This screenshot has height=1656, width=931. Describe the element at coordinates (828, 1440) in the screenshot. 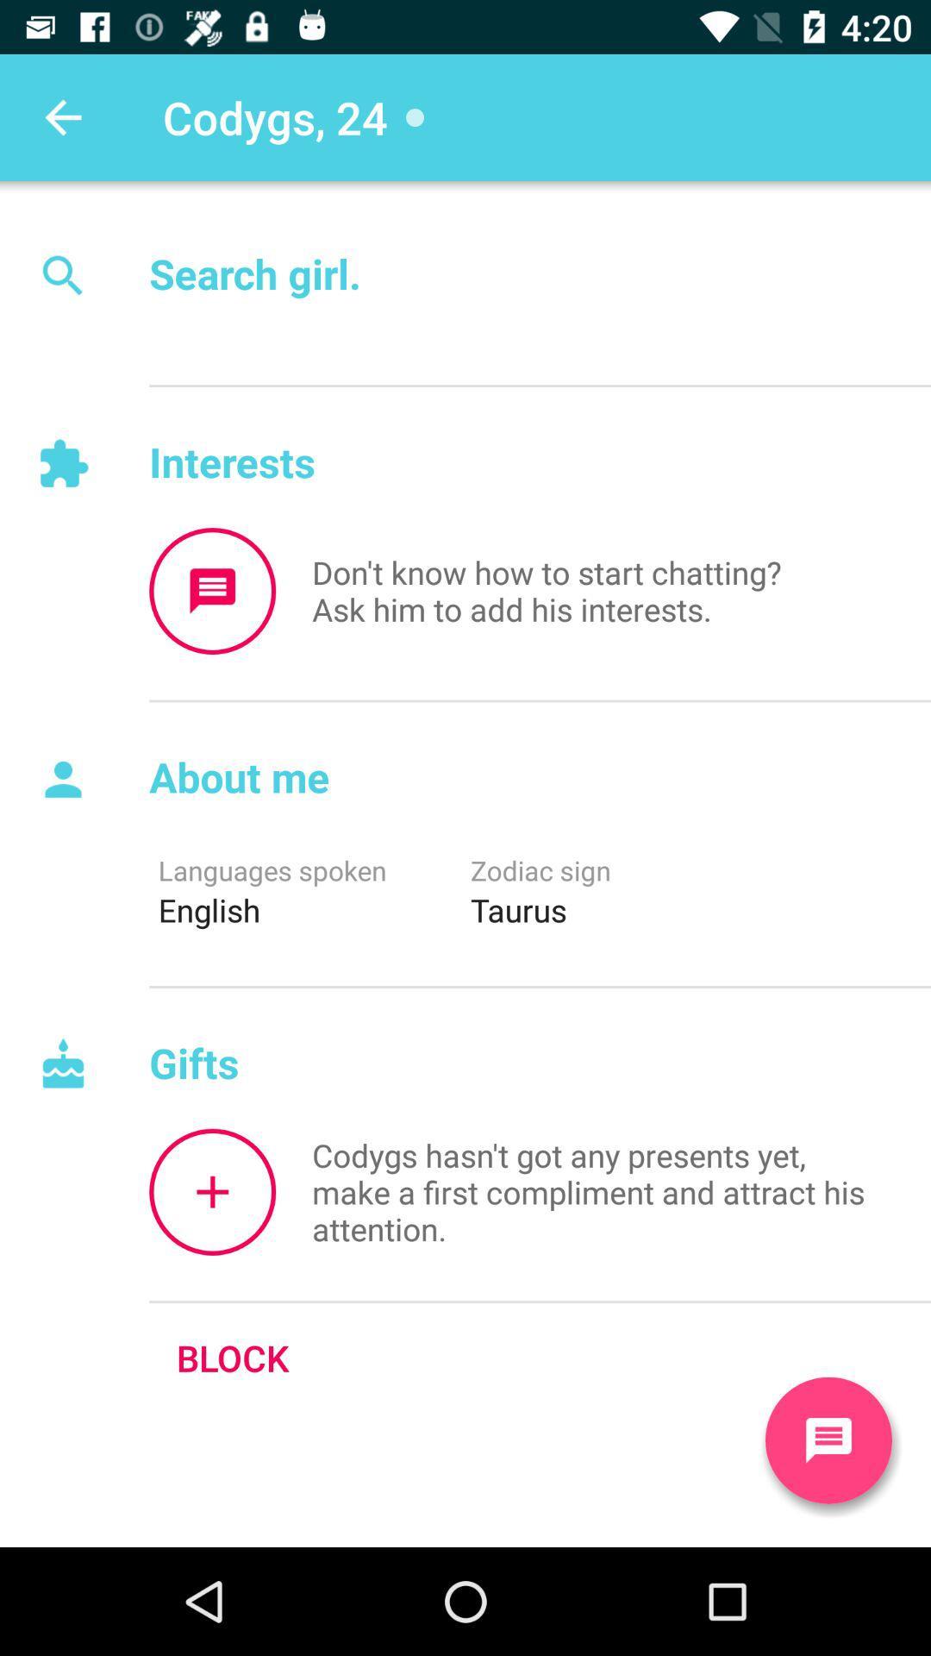

I see `the chat icon` at that location.